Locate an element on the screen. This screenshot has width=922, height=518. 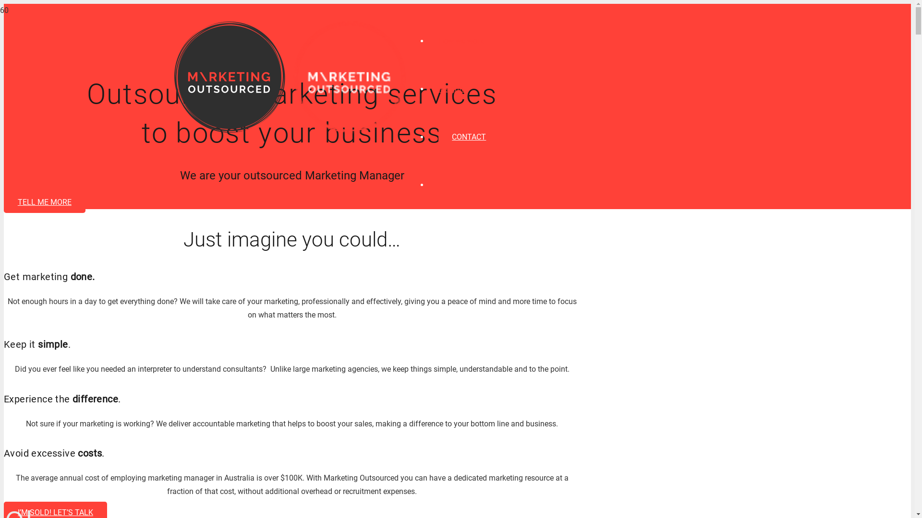
'TELL ME MORE' is located at coordinates (44, 201).